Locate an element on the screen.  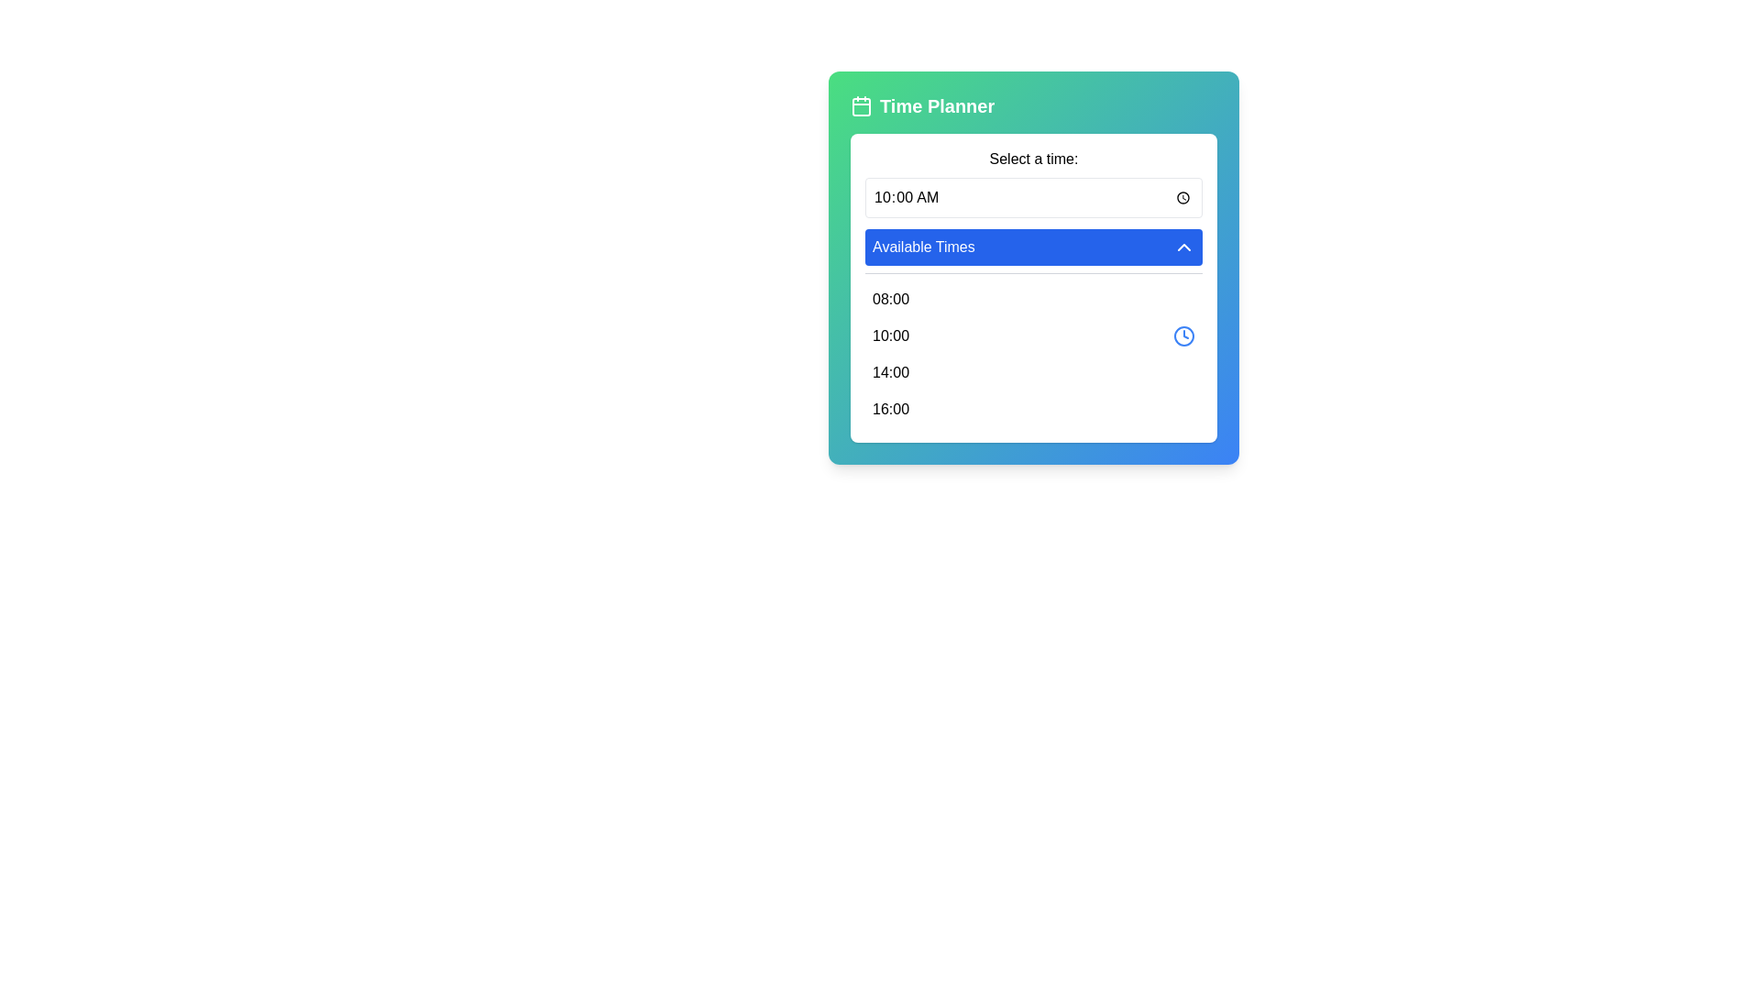
the Time input field to focus and edit the time, which is styled with a light background, rounded corners, and displays '10:00 AM' is located at coordinates (1034, 198).